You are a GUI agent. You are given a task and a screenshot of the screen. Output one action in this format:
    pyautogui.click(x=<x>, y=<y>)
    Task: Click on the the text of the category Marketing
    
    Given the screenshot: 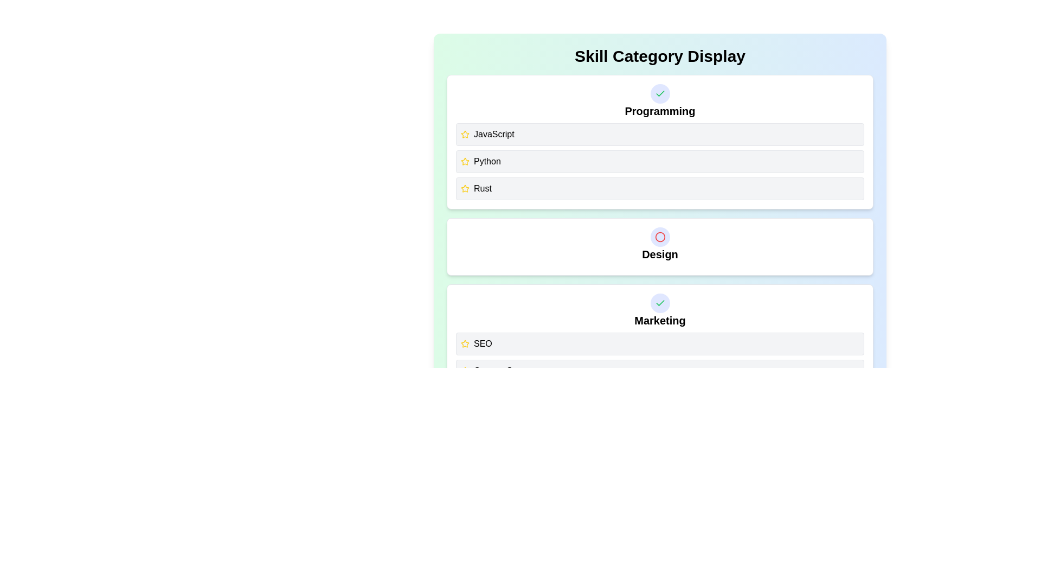 What is the action you would take?
    pyautogui.click(x=659, y=320)
    